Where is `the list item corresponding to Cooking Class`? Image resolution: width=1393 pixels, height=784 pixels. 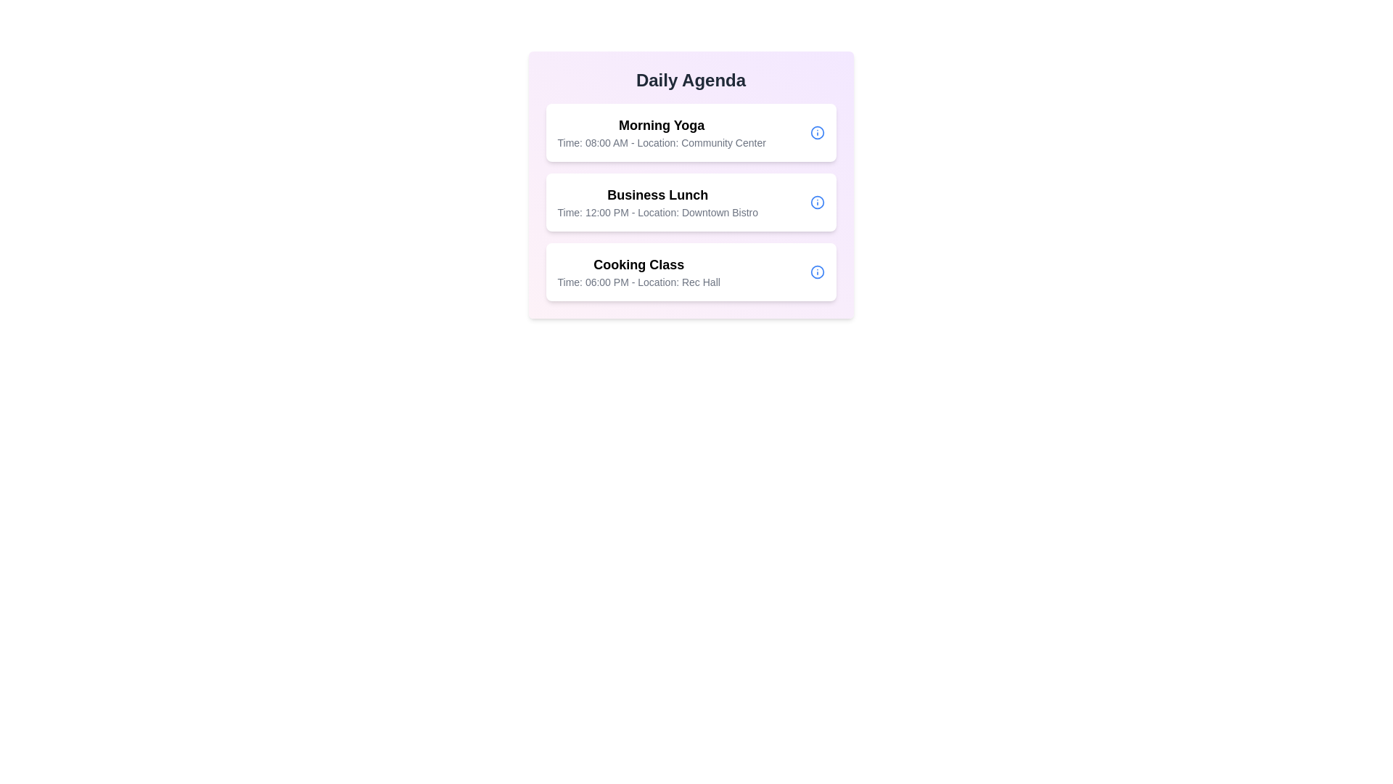 the list item corresponding to Cooking Class is located at coordinates (690, 271).